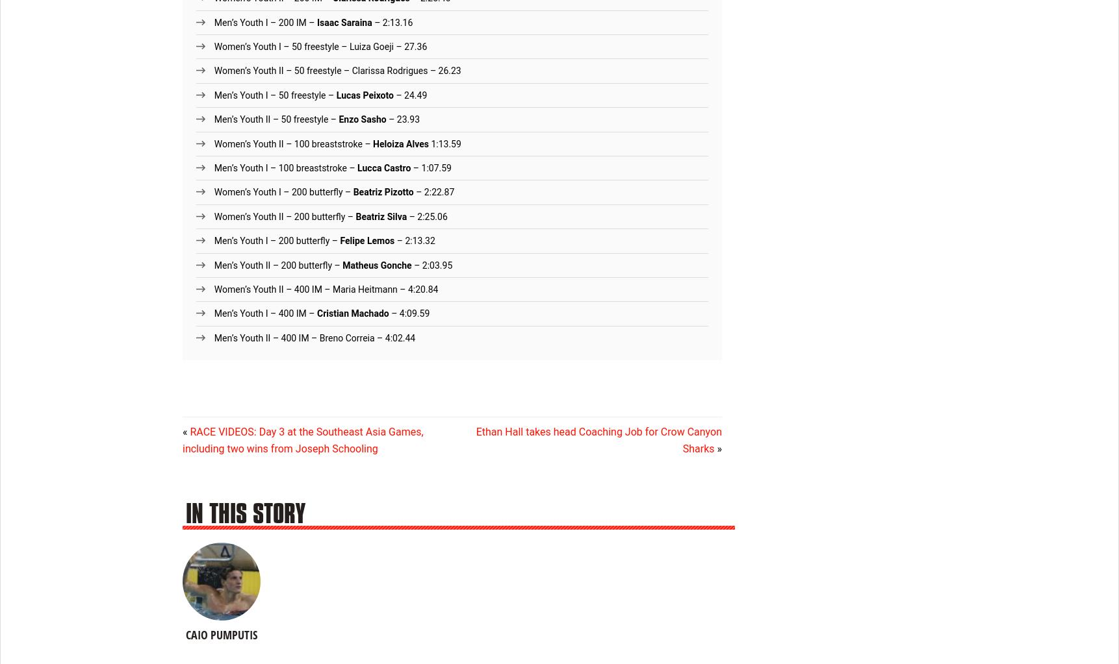  I want to click on 'Isaac Saraina', so click(342, 21).